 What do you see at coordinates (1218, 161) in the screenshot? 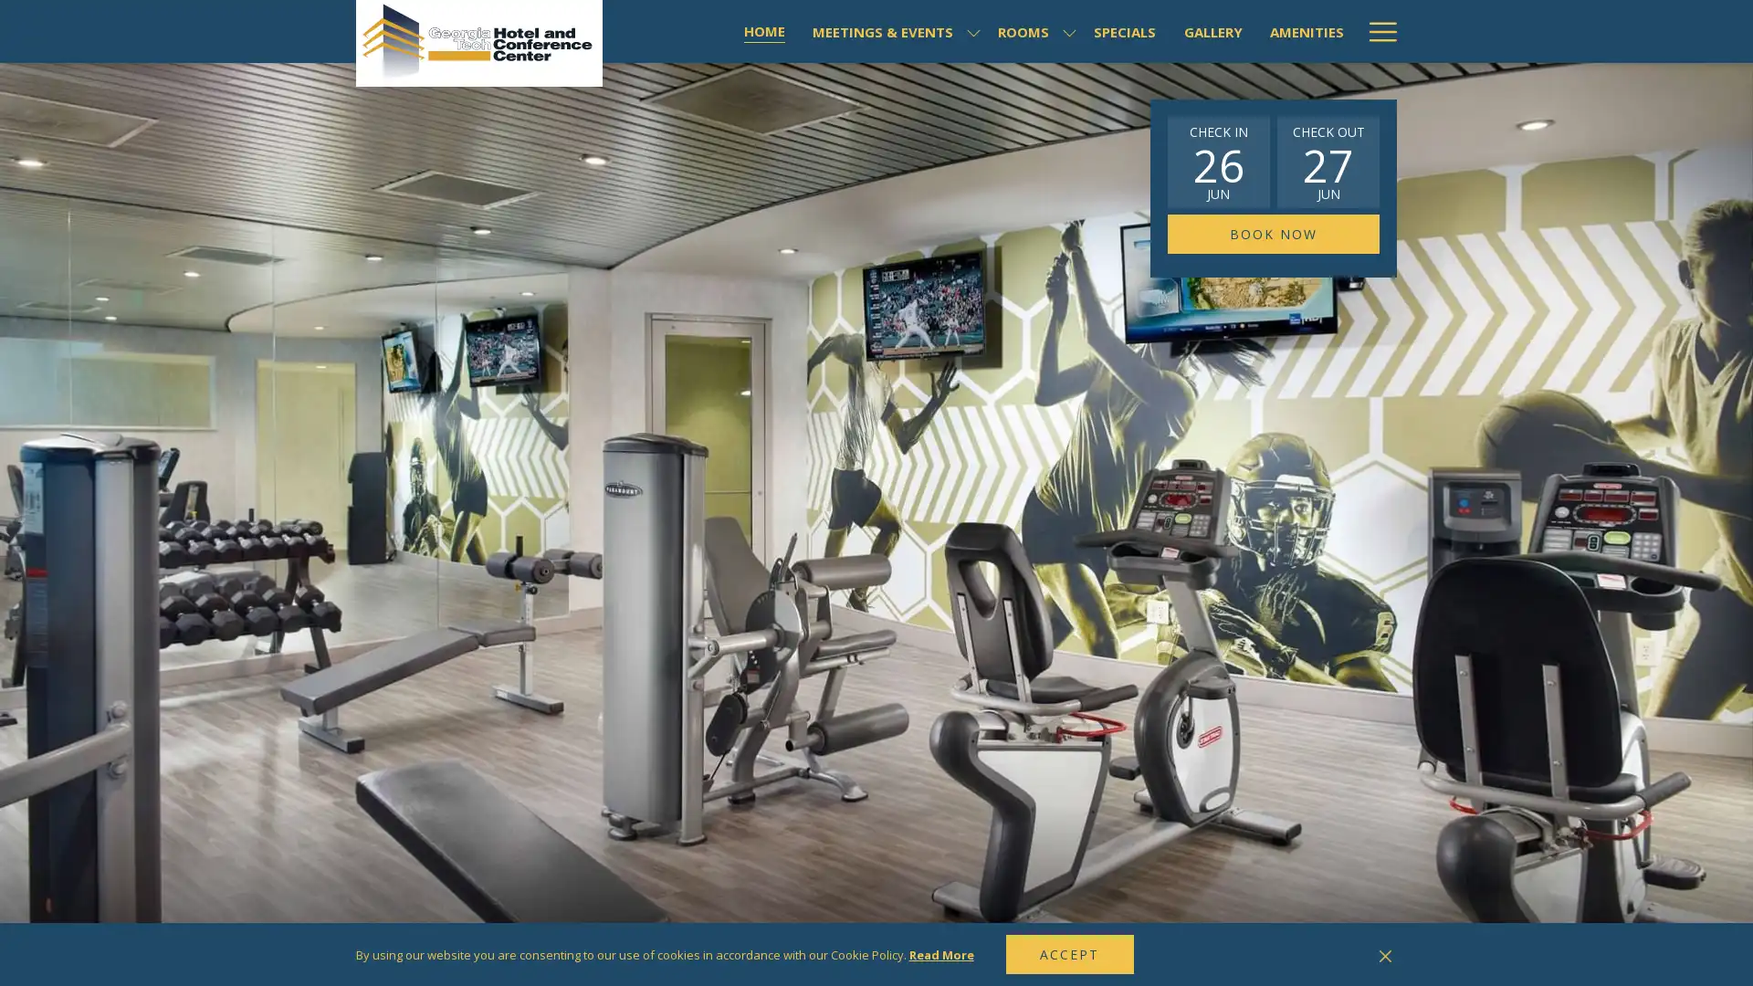
I see `This button opens the calendar to select check in date.` at bounding box center [1218, 161].